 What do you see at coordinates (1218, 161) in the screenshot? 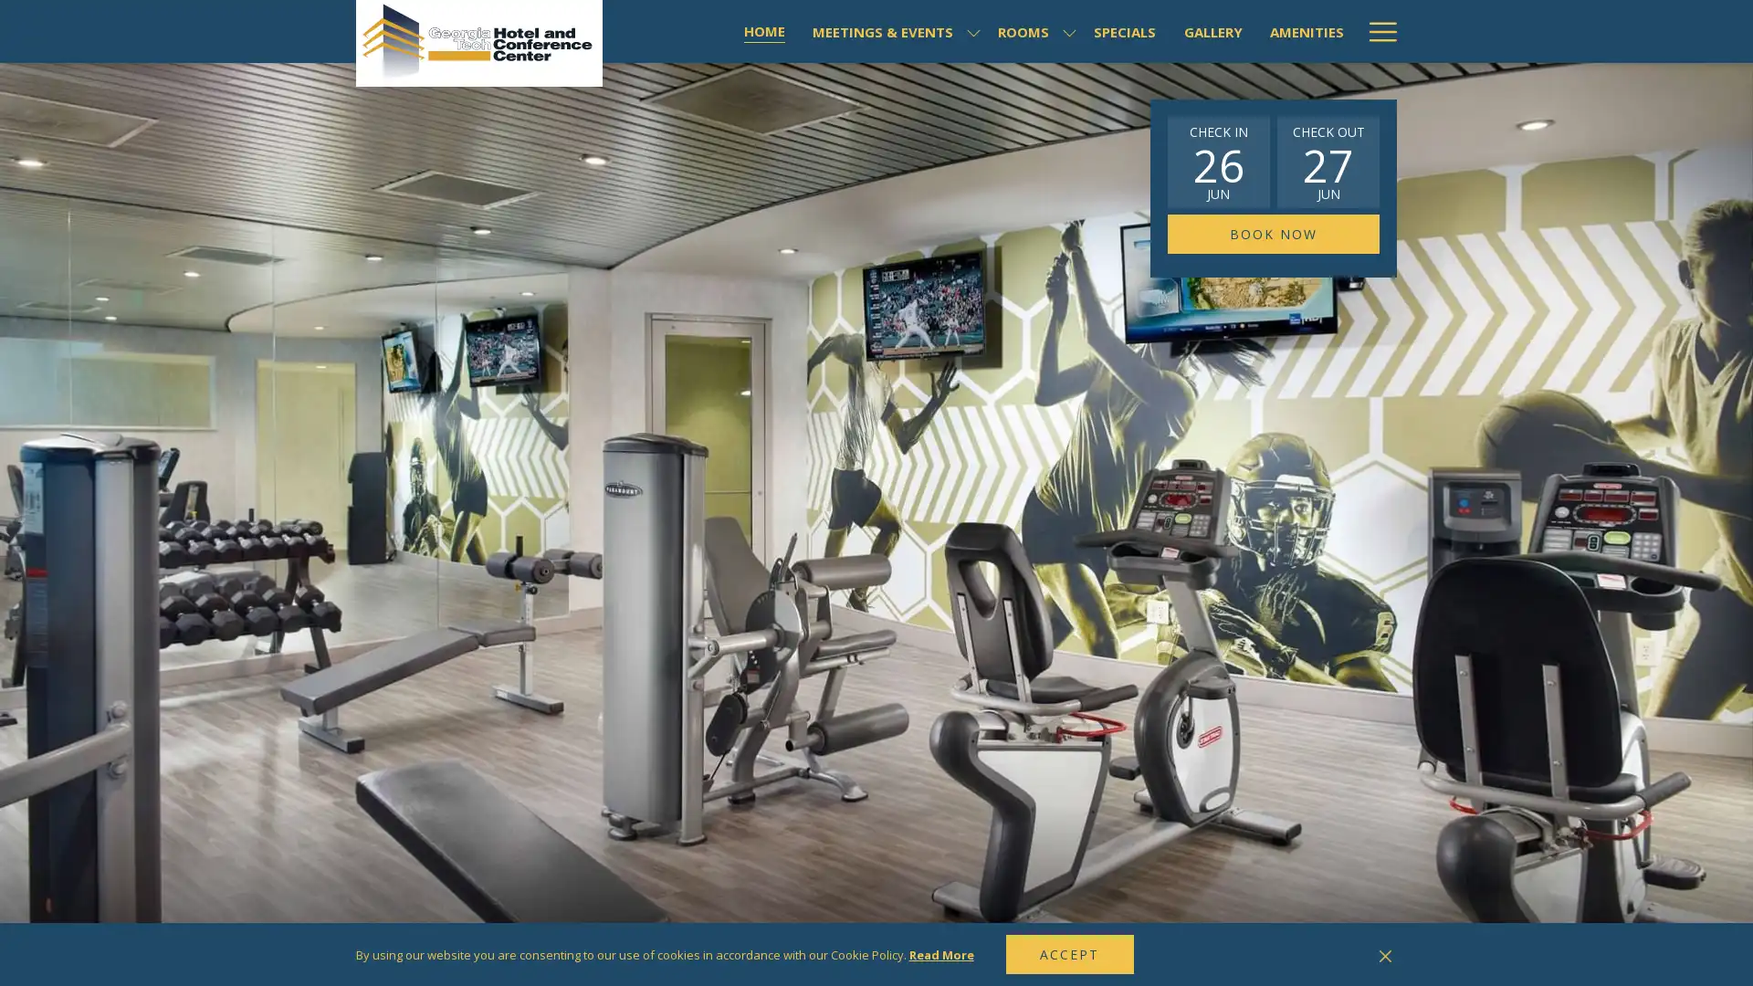
I see `This button opens the calendar to select check in date.` at bounding box center [1218, 161].